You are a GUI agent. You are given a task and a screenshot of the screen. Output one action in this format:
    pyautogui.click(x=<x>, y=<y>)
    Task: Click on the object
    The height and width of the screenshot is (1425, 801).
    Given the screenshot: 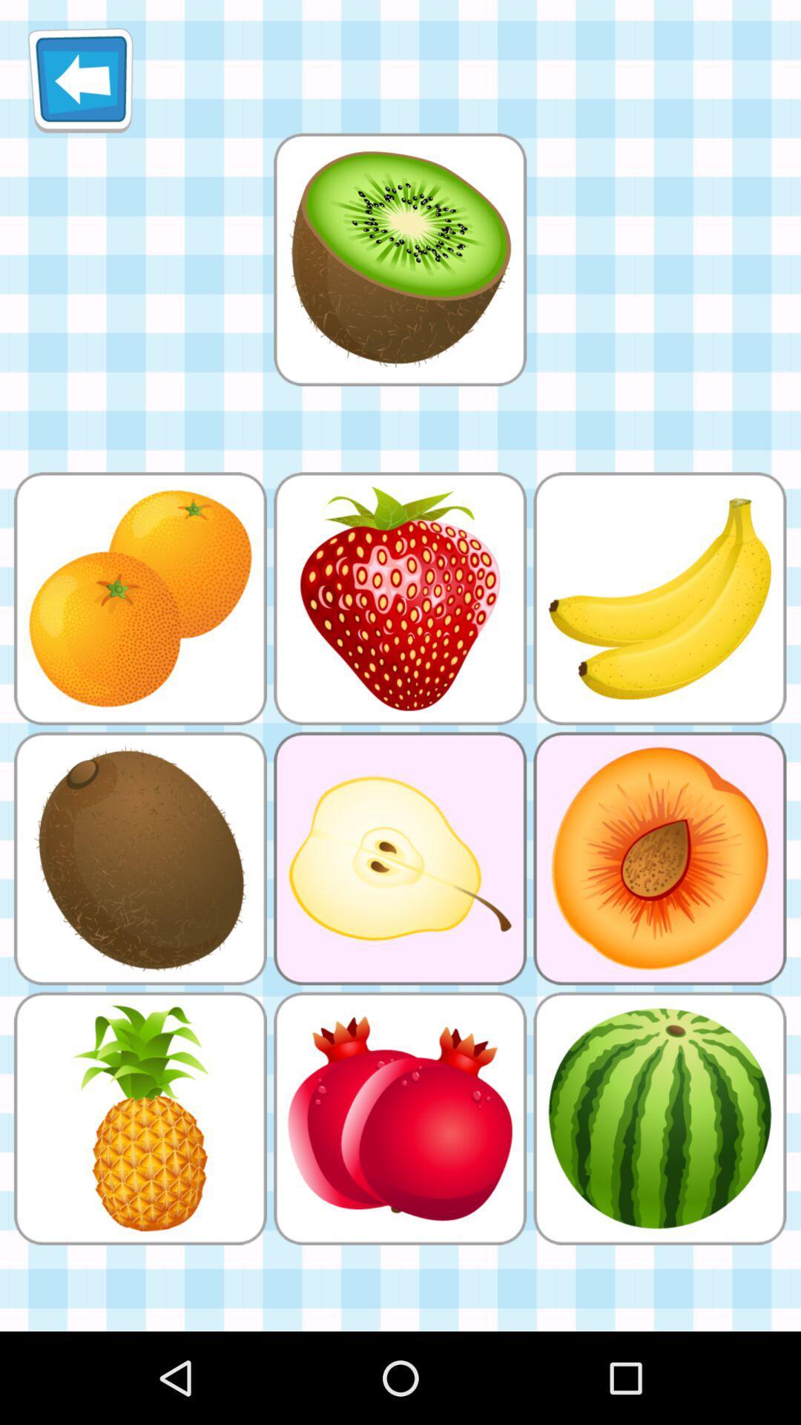 What is the action you would take?
    pyautogui.click(x=399, y=259)
    